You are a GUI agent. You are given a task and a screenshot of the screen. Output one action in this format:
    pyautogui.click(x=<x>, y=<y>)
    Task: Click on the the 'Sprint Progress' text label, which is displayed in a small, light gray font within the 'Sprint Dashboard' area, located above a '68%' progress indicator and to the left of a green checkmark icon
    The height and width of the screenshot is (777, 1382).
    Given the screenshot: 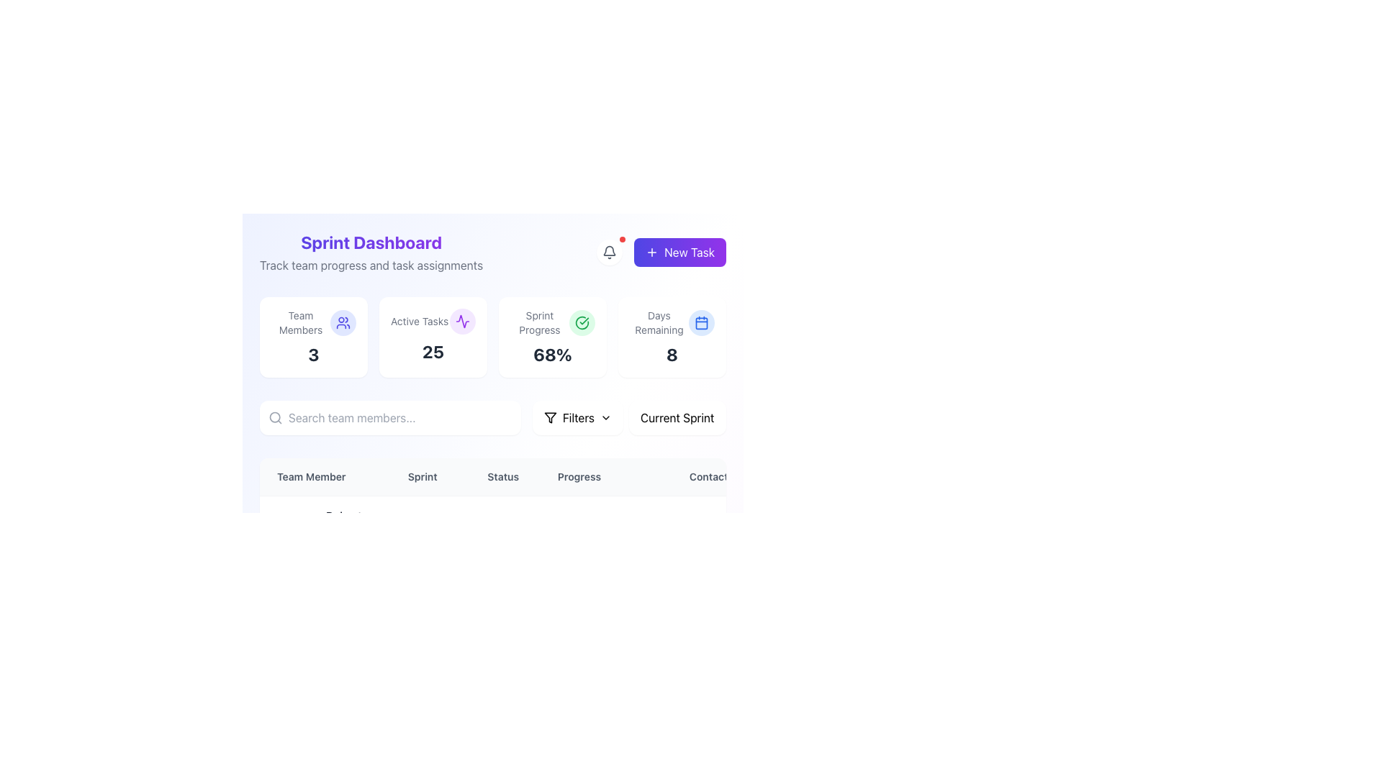 What is the action you would take?
    pyautogui.click(x=538, y=322)
    